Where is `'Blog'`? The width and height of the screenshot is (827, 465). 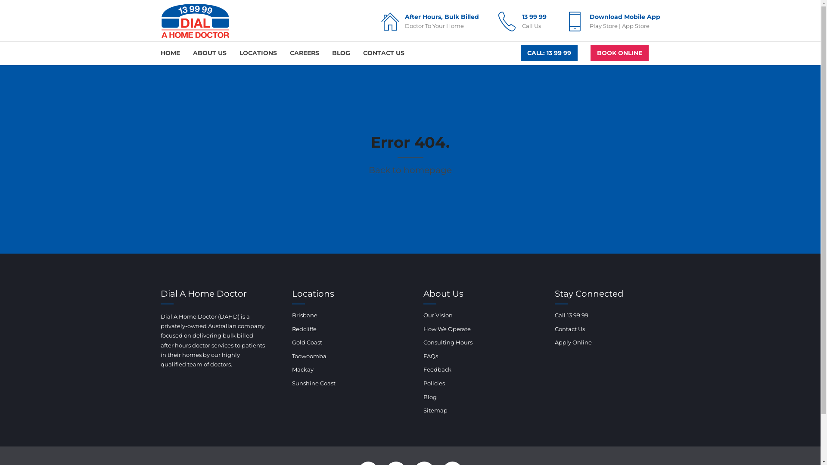
'Blog' is located at coordinates (429, 397).